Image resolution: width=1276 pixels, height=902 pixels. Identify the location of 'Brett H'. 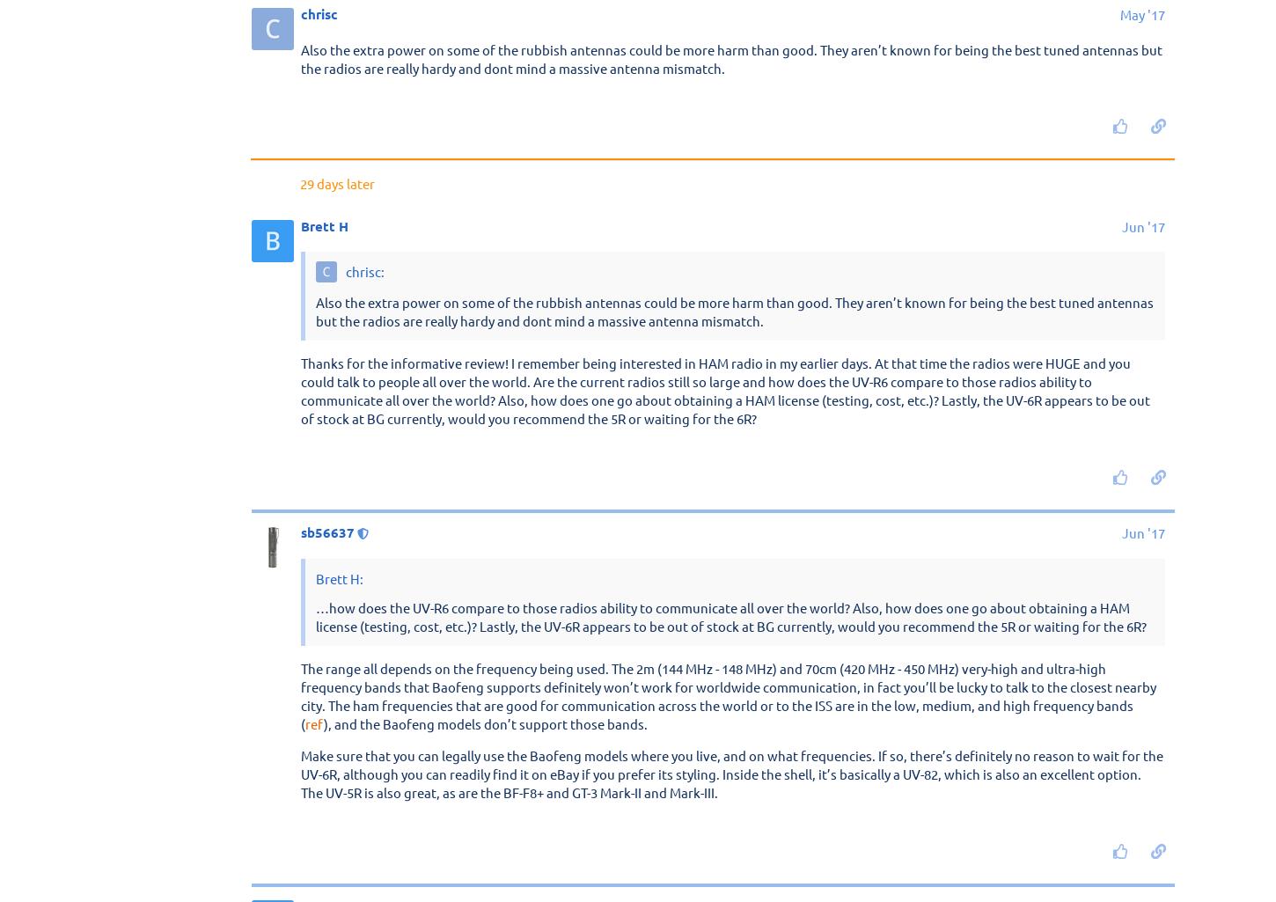
(324, 733).